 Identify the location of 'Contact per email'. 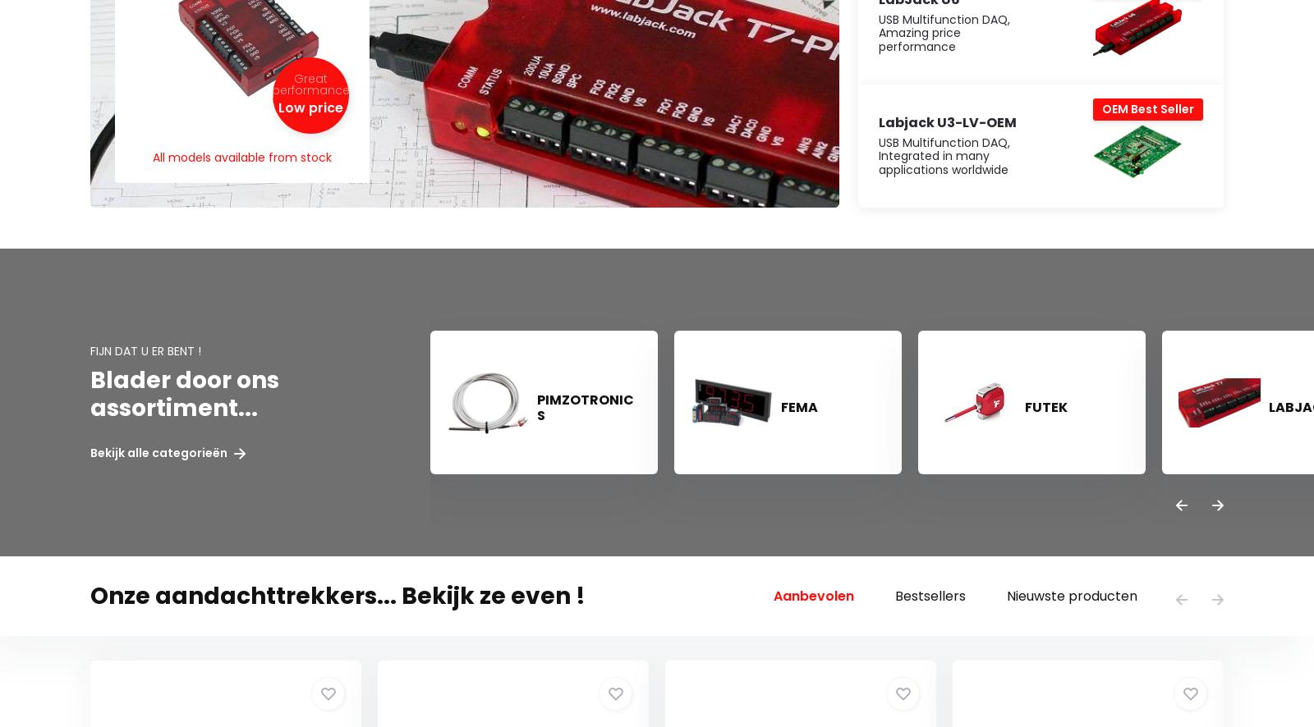
(108, 71).